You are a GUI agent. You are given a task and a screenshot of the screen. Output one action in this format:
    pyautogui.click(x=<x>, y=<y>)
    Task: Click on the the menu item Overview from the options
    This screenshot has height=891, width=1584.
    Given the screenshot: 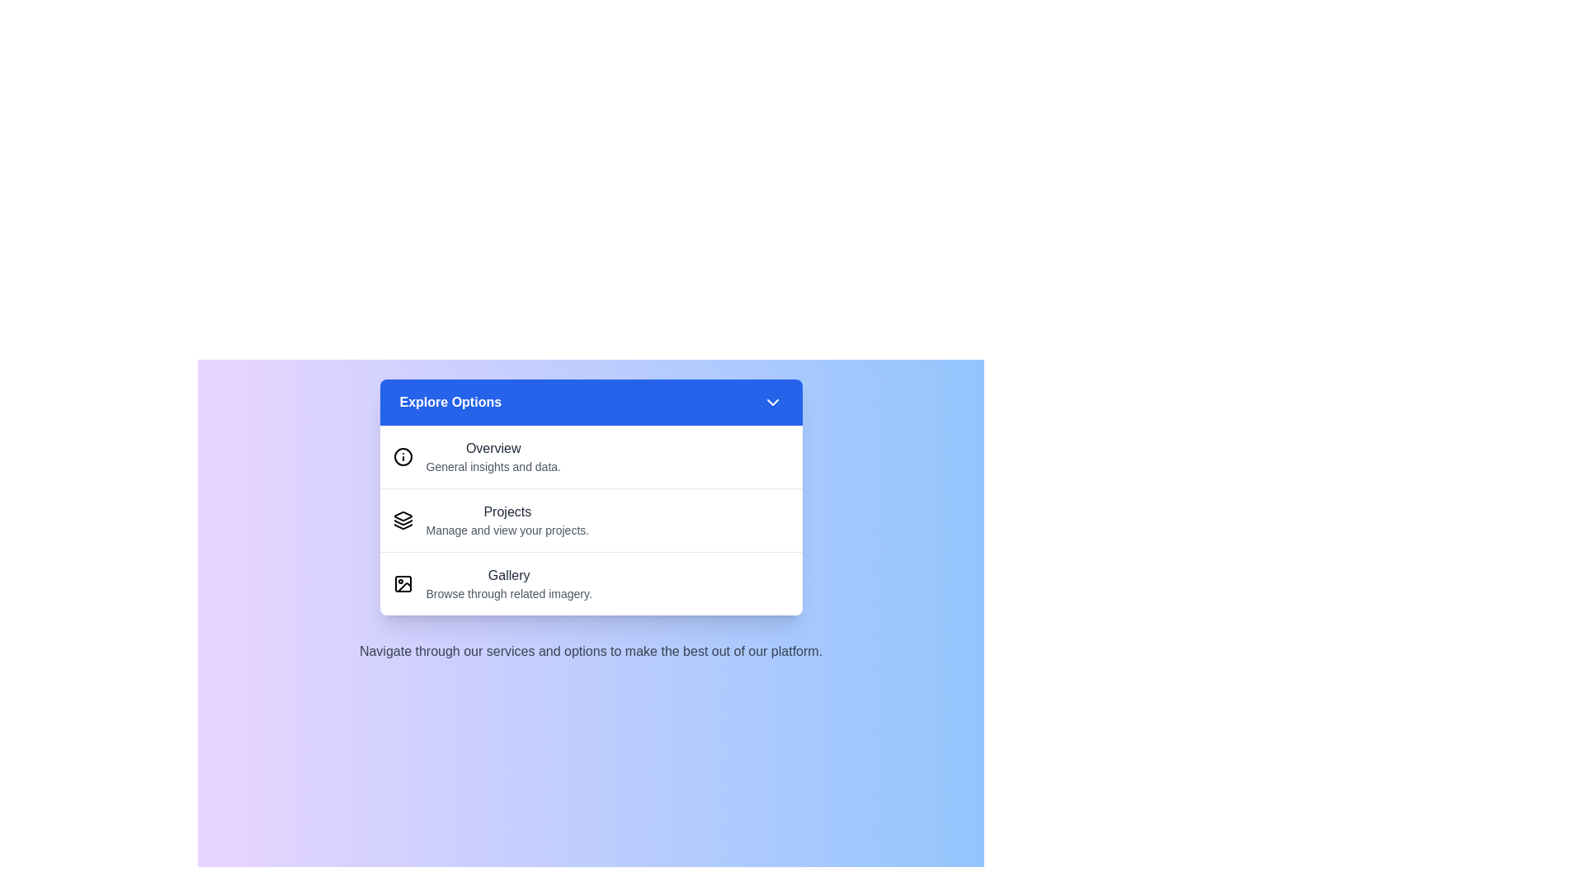 What is the action you would take?
    pyautogui.click(x=493, y=457)
    